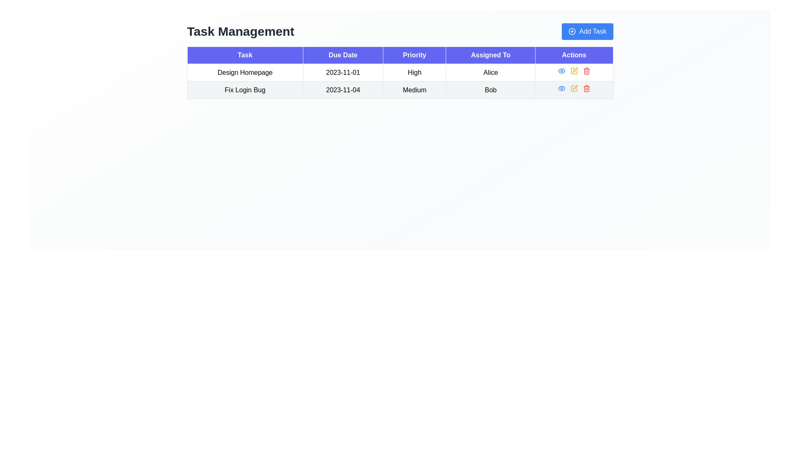 Image resolution: width=799 pixels, height=449 pixels. I want to click on the Header Text element, which serves as the primary header for the task management interface, located near the top-left of the visible interface, adjacent to the 'Add Task' button, so click(240, 31).